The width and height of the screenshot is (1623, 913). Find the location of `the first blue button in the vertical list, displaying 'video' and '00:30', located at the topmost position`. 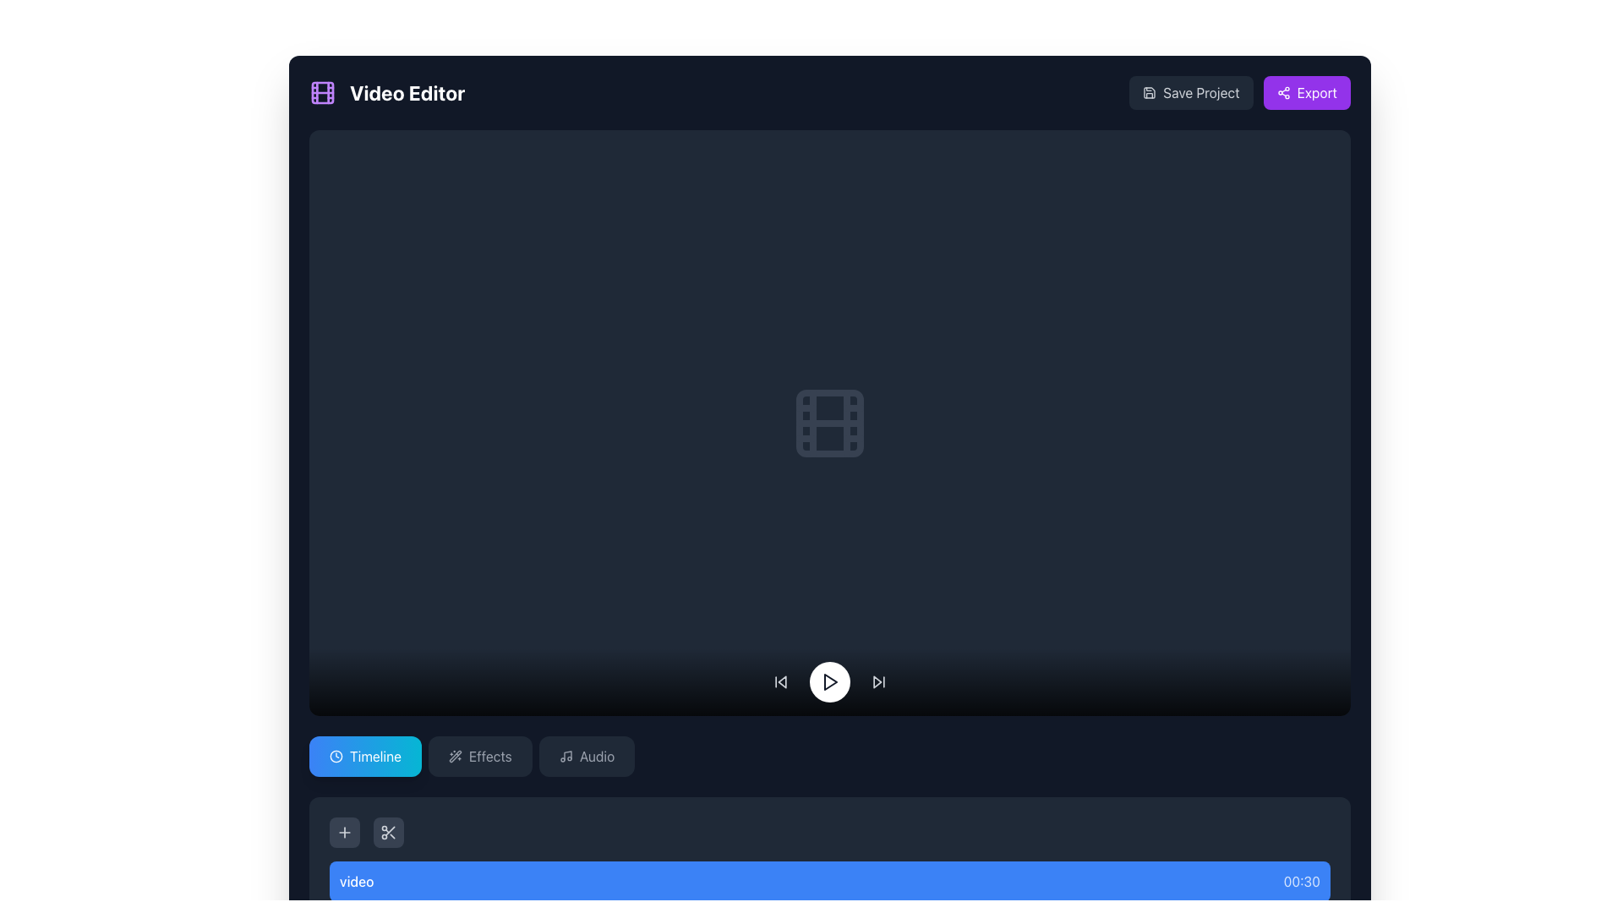

the first blue button in the vertical list, displaying 'video' and '00:30', located at the topmost position is located at coordinates (830, 880).